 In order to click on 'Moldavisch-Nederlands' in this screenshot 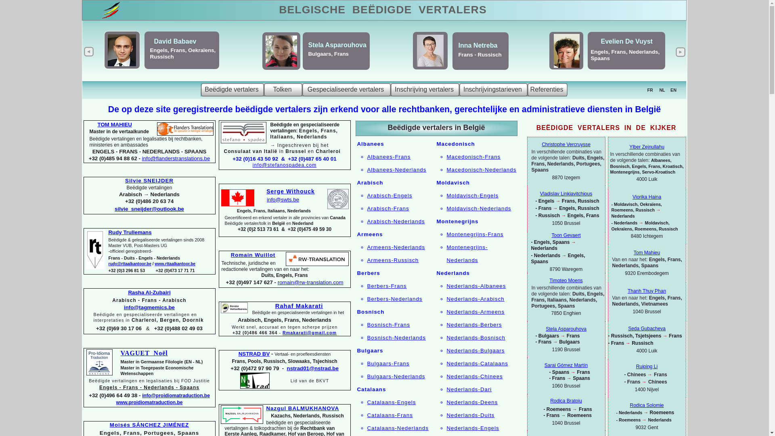, I will do `click(446, 208)`.